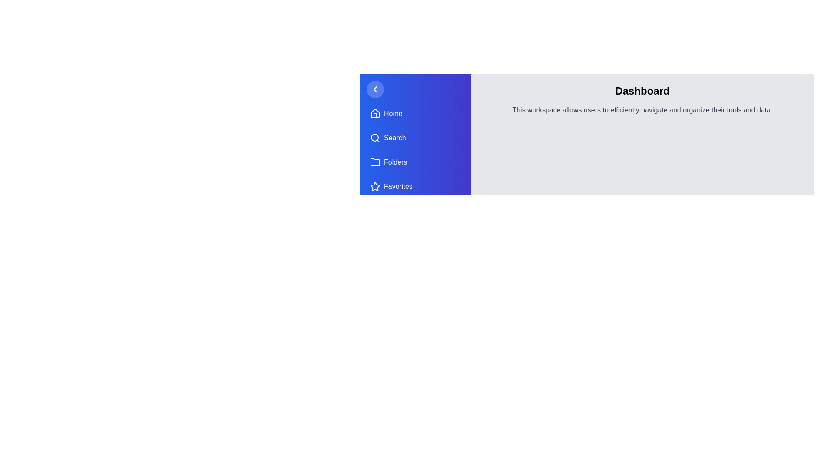 Image resolution: width=834 pixels, height=469 pixels. Describe the element at coordinates (414, 137) in the screenshot. I see `the navigation item Search` at that location.